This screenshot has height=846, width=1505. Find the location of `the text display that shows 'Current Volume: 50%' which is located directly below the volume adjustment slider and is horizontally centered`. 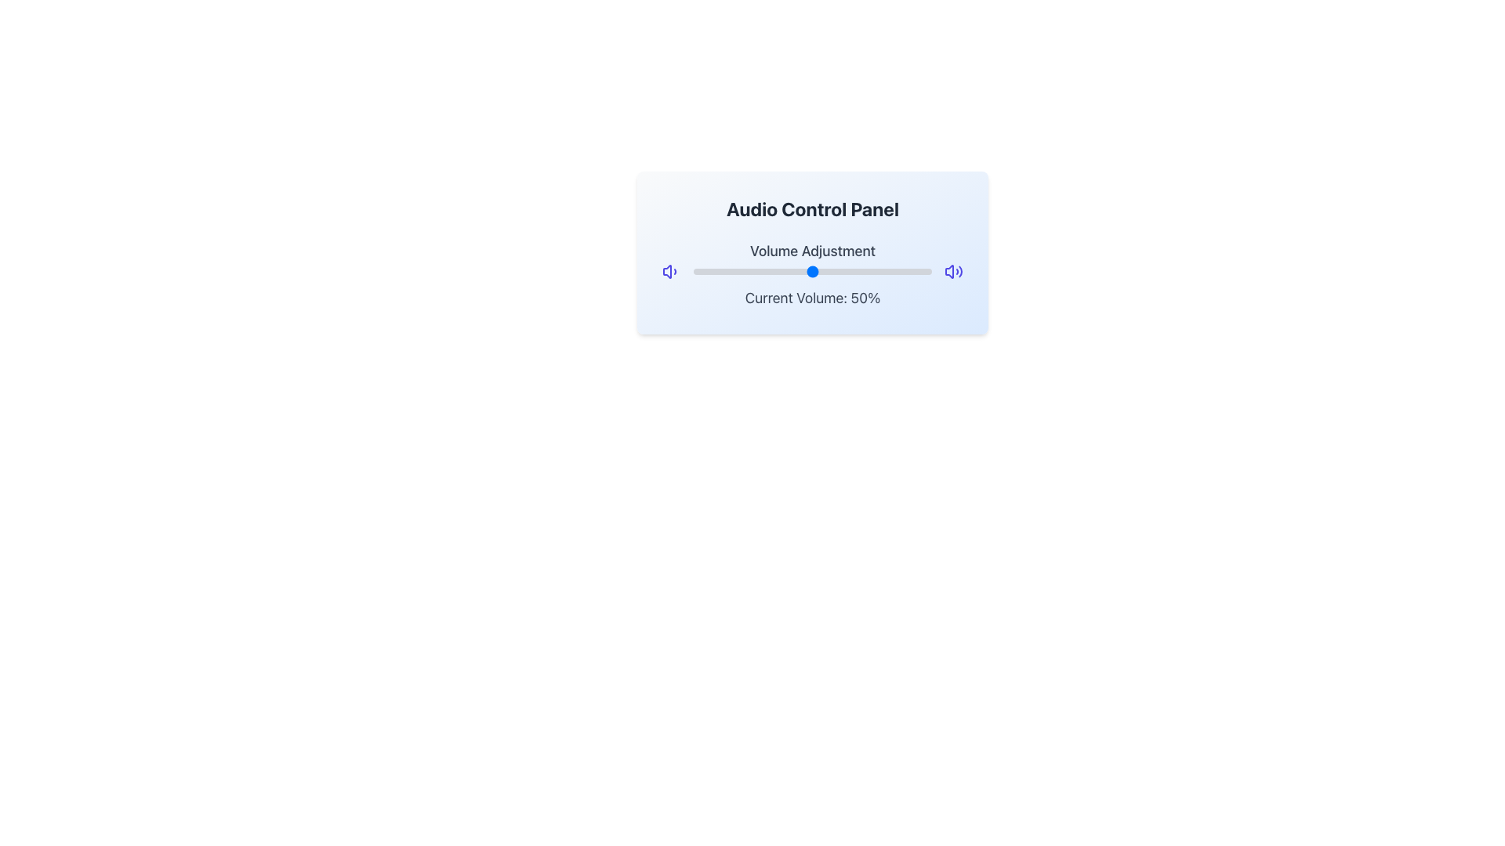

the text display that shows 'Current Volume: 50%' which is located directly below the volume adjustment slider and is horizontally centered is located at coordinates (812, 298).